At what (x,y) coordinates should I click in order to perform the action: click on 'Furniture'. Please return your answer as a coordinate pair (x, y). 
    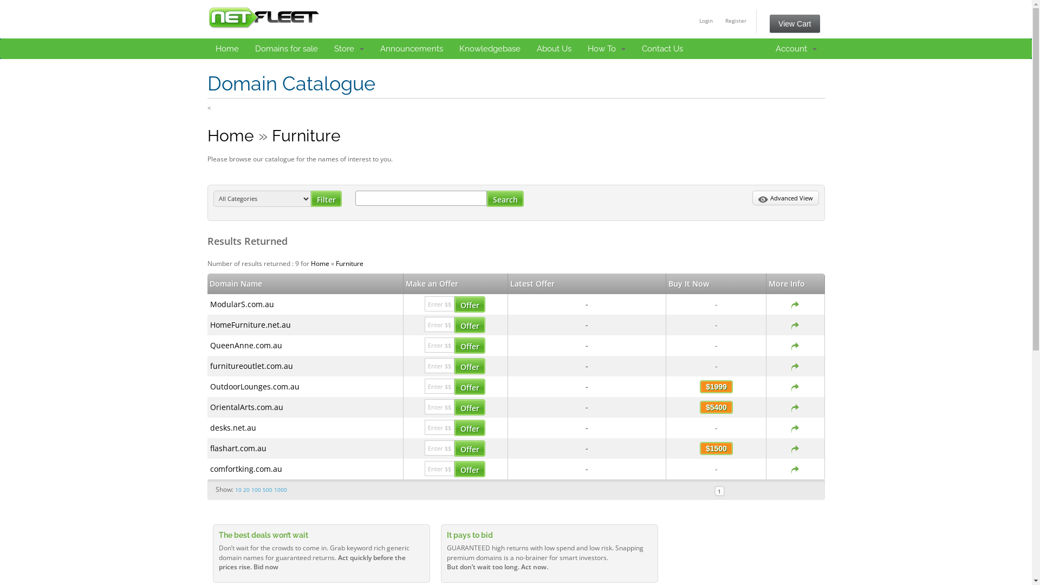
    Looking at the image, I should click on (305, 135).